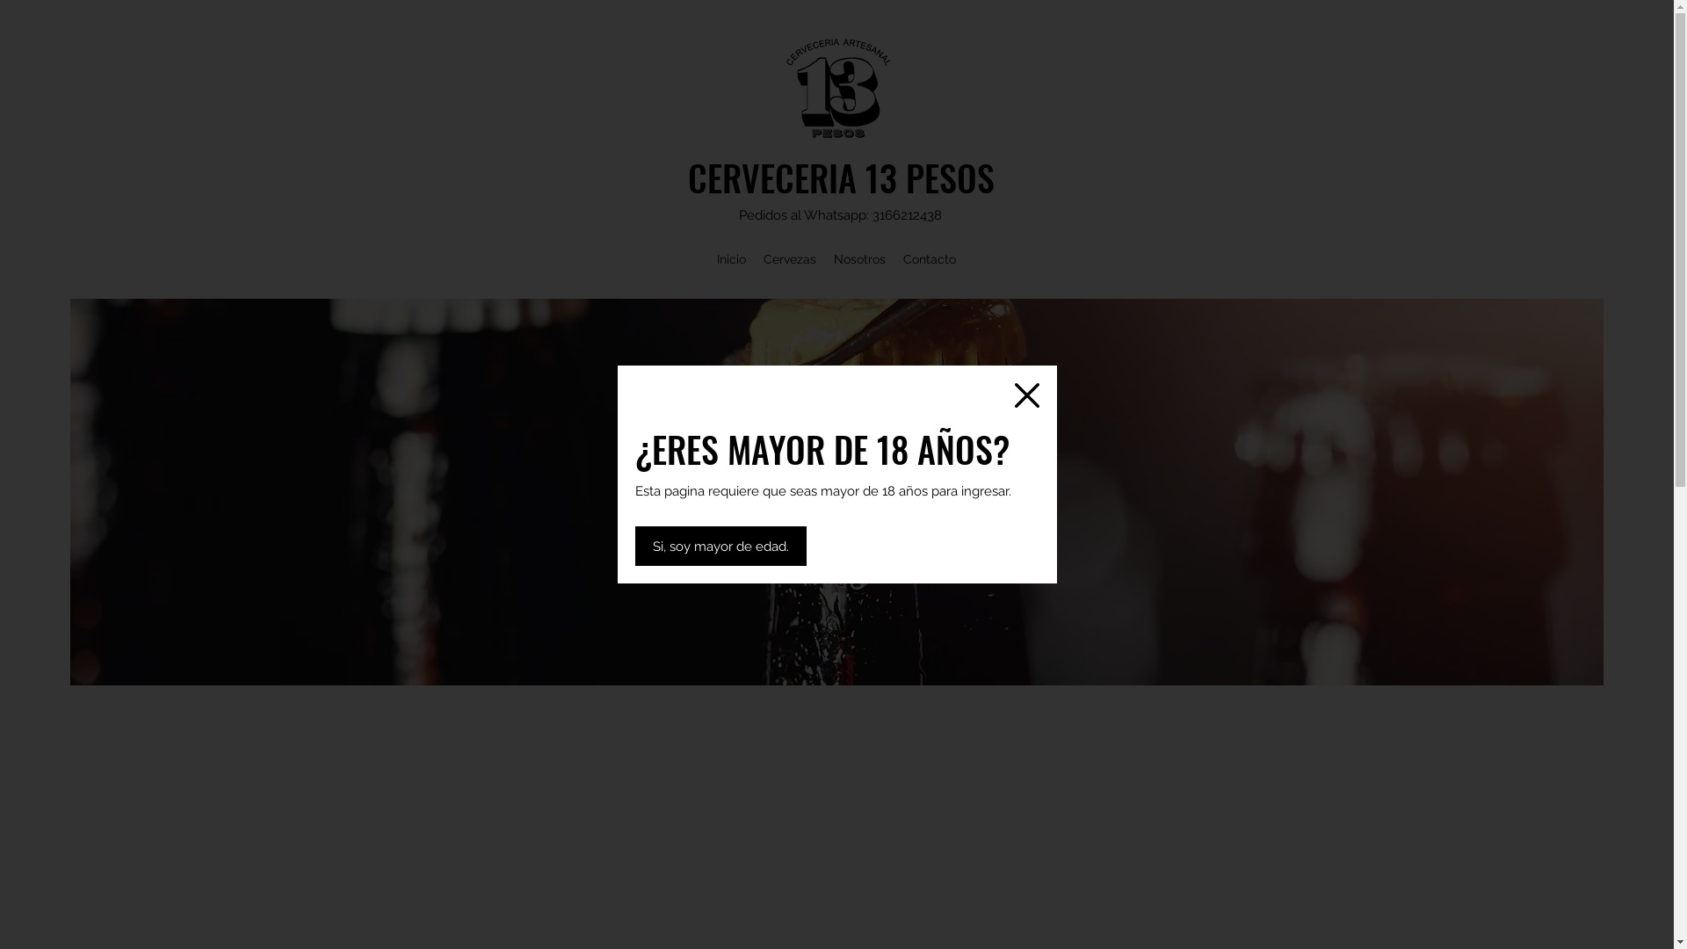 Image resolution: width=1687 pixels, height=949 pixels. Describe the element at coordinates (1025, 395) in the screenshot. I see `'Volver al sitio'` at that location.